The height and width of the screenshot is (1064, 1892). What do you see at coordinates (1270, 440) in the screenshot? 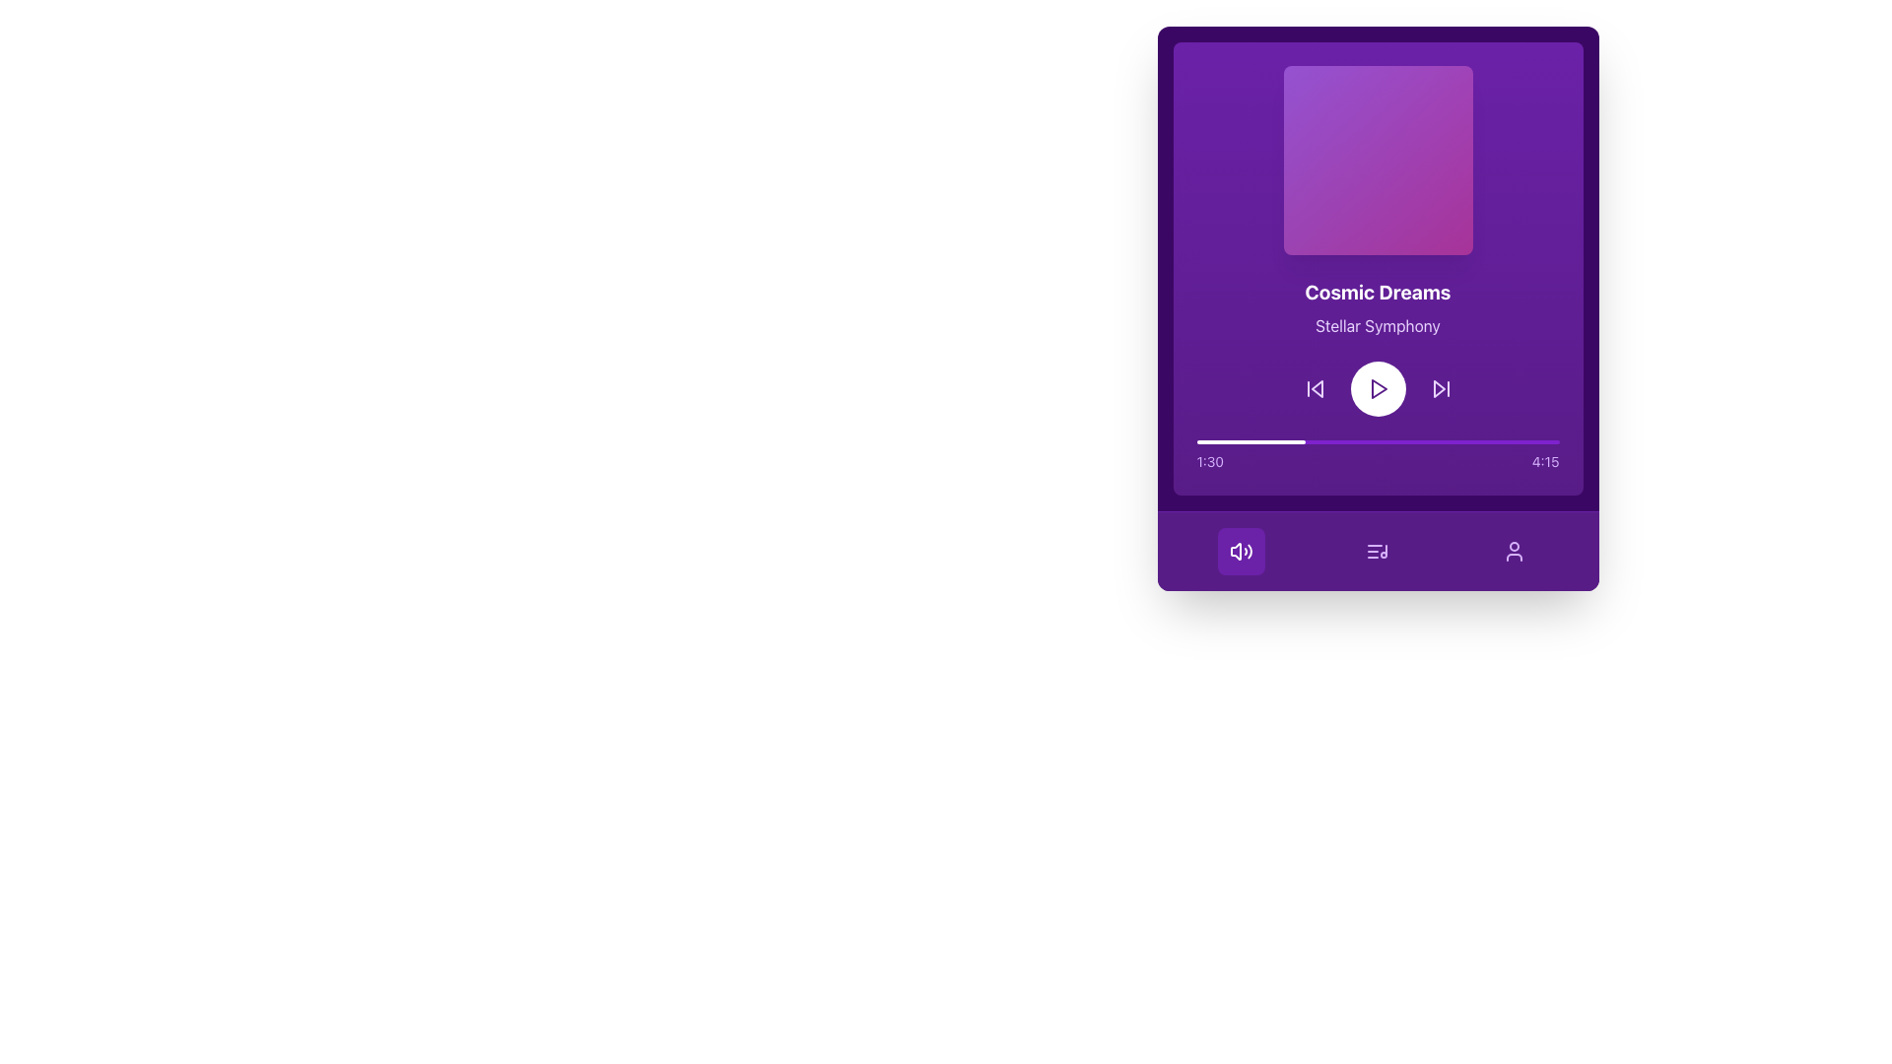
I see `the slider position` at bounding box center [1270, 440].